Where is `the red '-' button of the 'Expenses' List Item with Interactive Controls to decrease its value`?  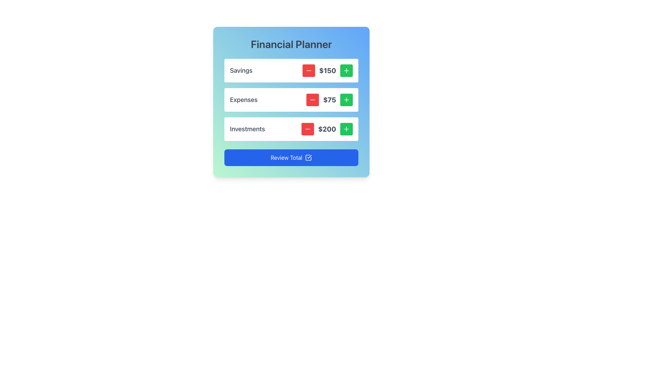
the red '-' button of the 'Expenses' List Item with Interactive Controls to decrease its value is located at coordinates (291, 102).